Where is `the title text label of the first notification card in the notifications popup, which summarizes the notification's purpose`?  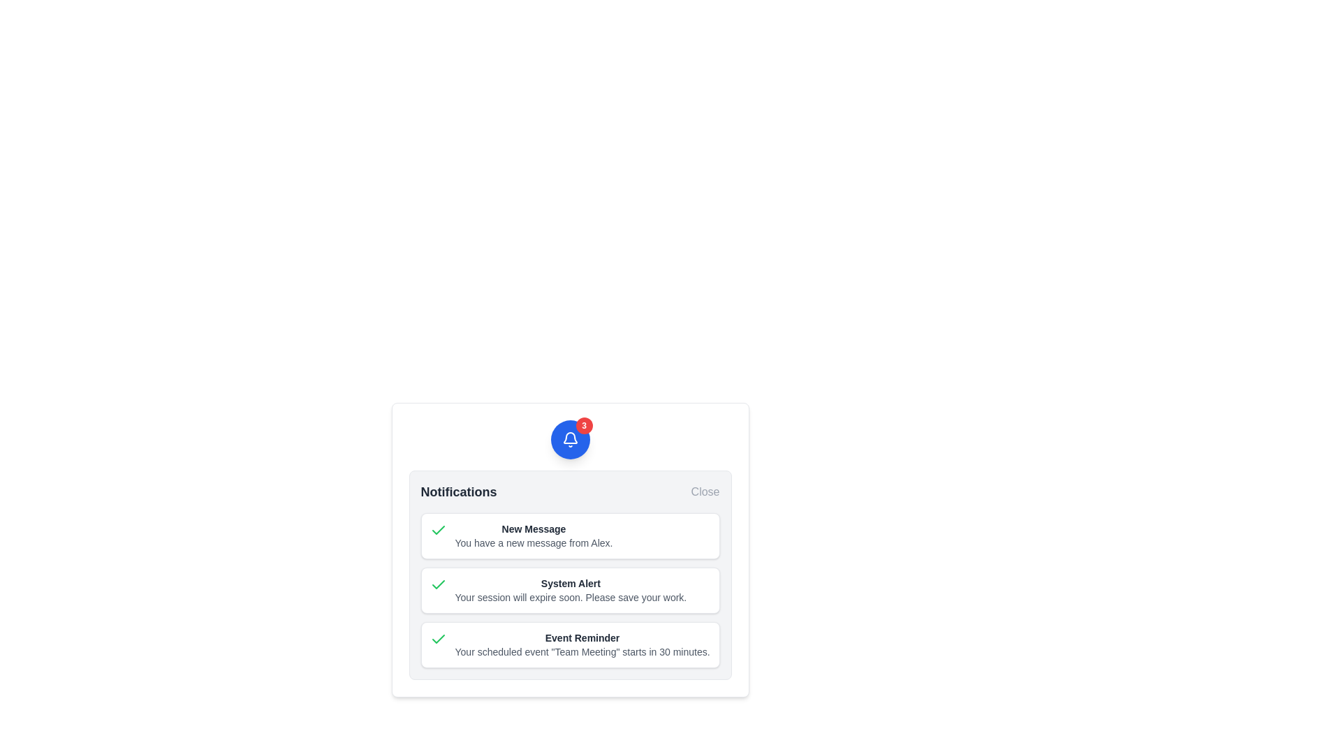 the title text label of the first notification card in the notifications popup, which summarizes the notification's purpose is located at coordinates (533, 529).